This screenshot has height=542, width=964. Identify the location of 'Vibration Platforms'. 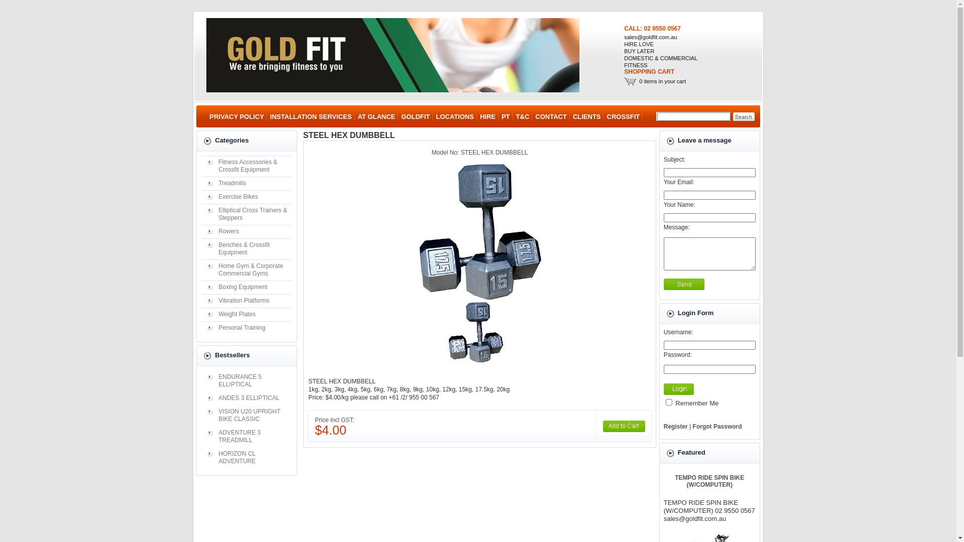
(247, 300).